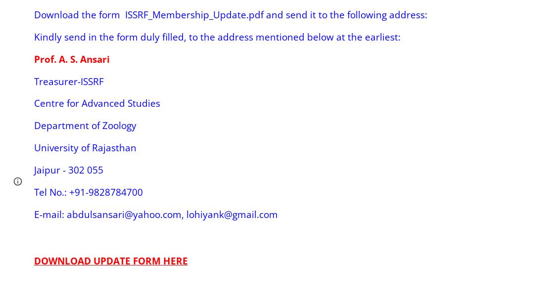 The width and height of the screenshot is (544, 305). I want to click on 'Prof', so click(44, 58).